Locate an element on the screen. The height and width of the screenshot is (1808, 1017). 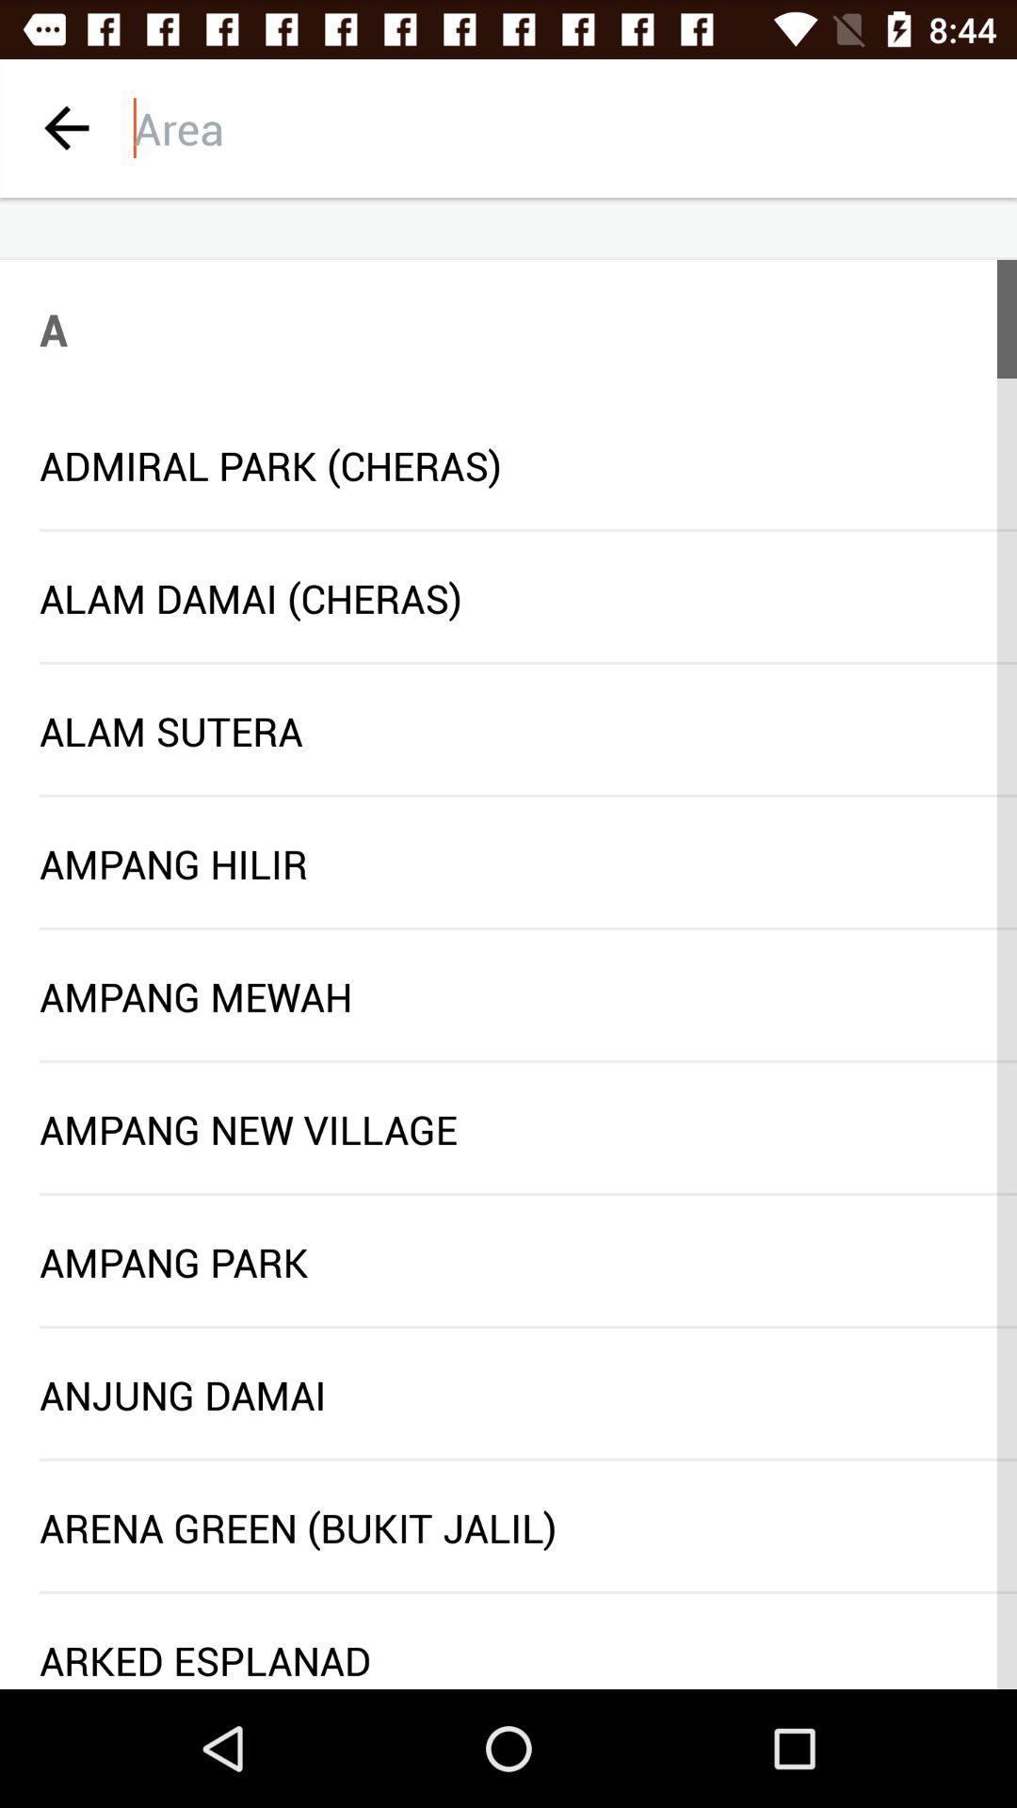
the ampang park item is located at coordinates (508, 1262).